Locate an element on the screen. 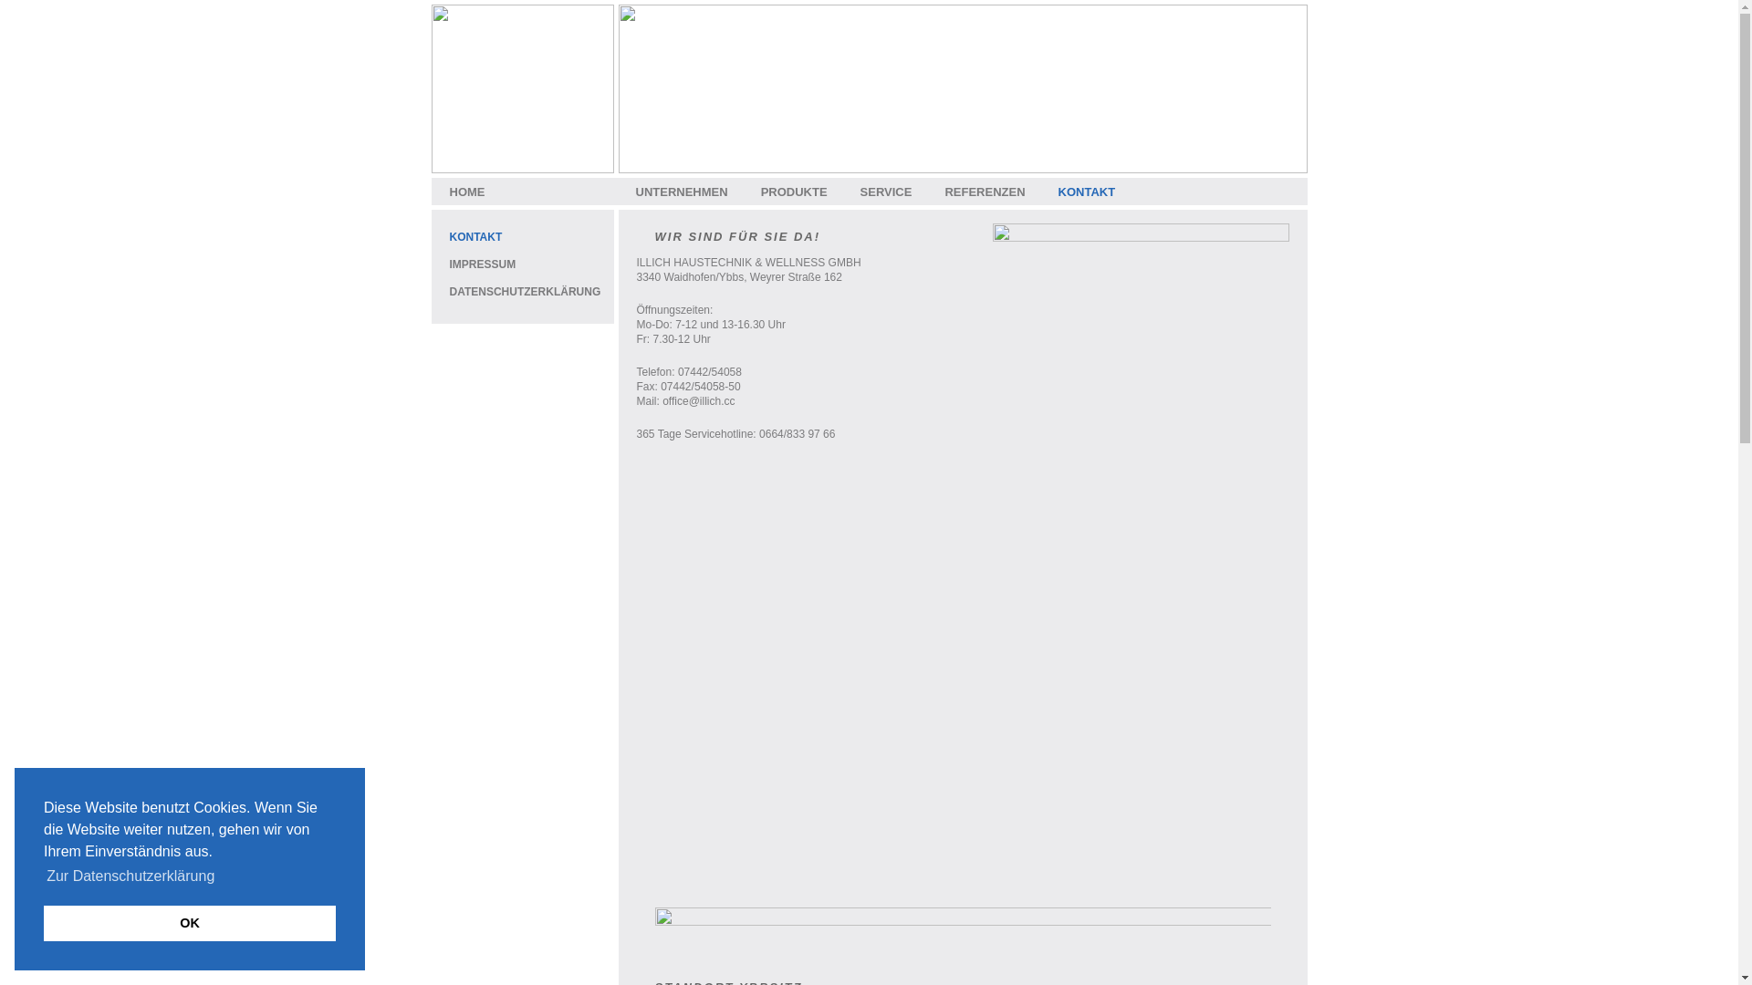  'KONTAKT' is located at coordinates (1087, 192).